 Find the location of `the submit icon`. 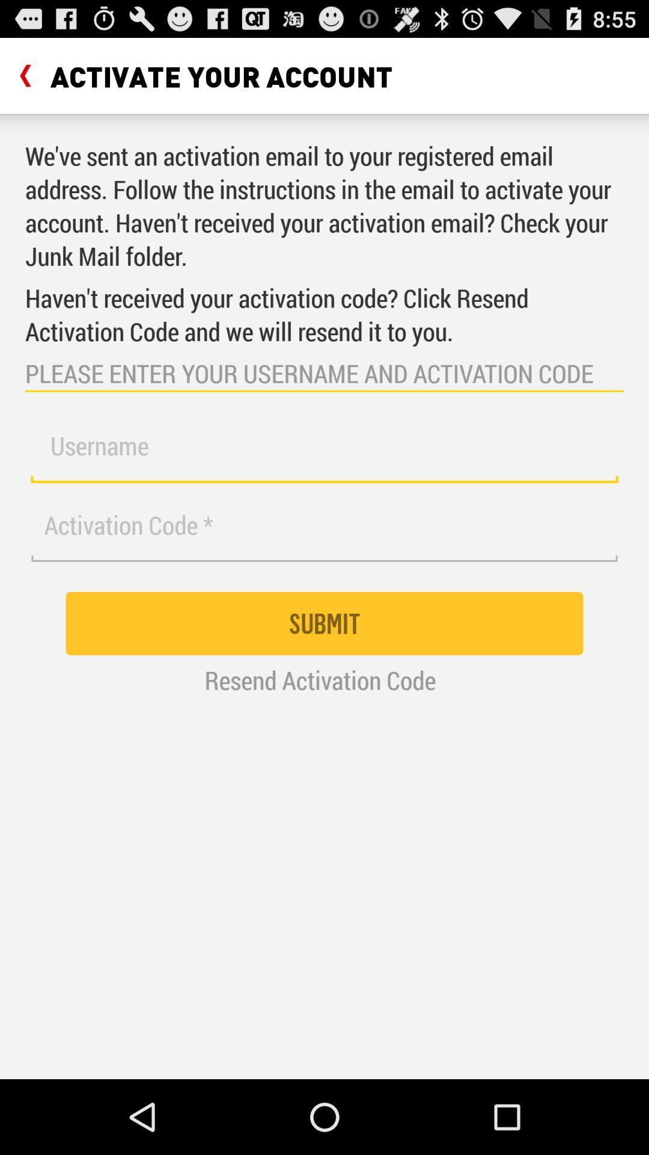

the submit icon is located at coordinates (324, 623).